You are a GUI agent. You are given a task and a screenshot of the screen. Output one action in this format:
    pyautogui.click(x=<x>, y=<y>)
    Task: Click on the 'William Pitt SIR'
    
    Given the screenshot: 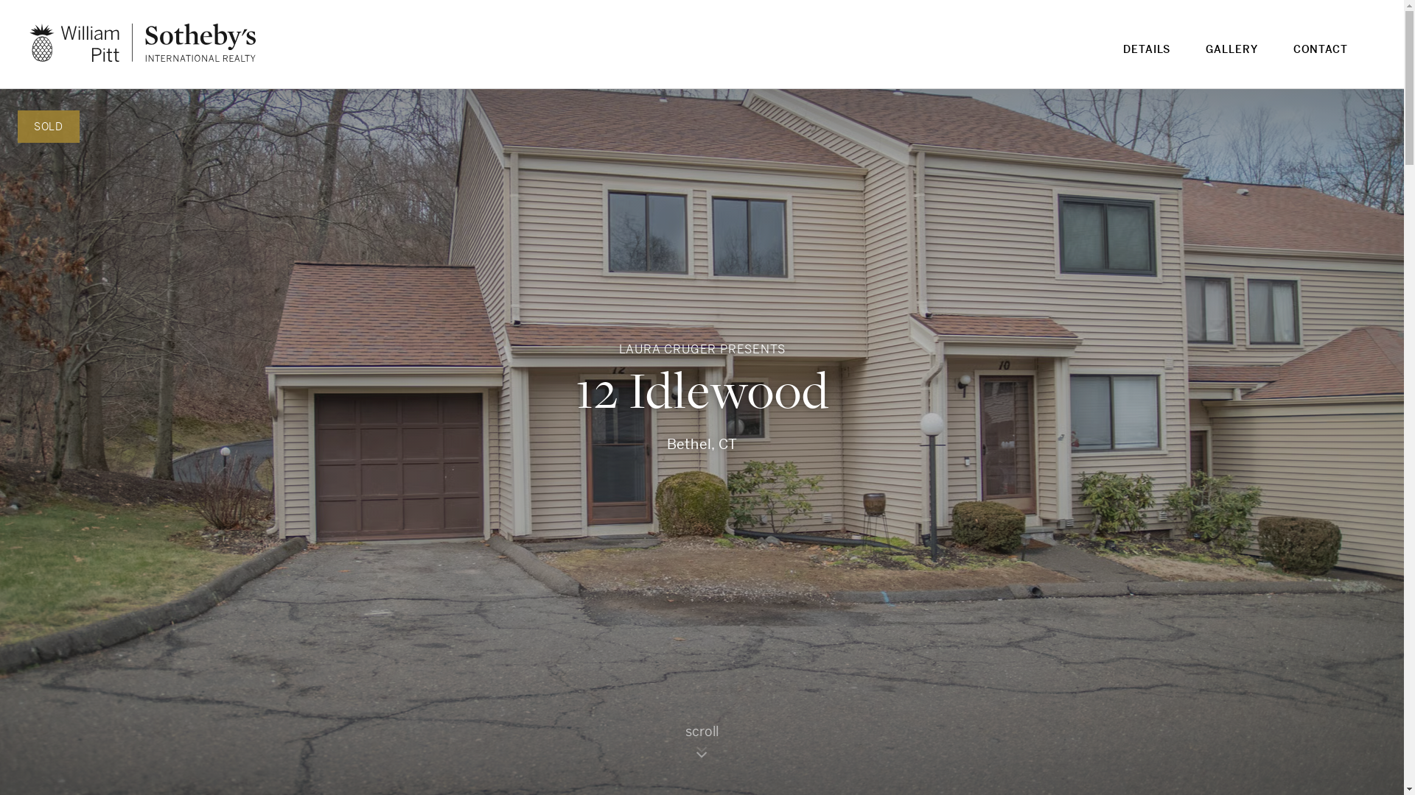 What is the action you would take?
    pyautogui.click(x=142, y=41)
    